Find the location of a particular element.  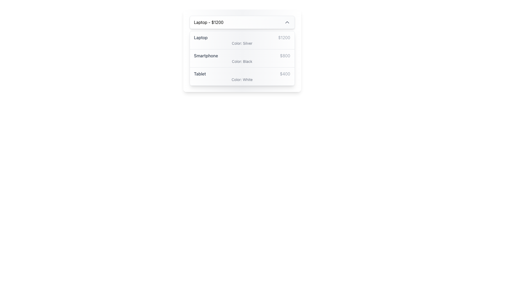

the first item is located at coordinates (242, 40).